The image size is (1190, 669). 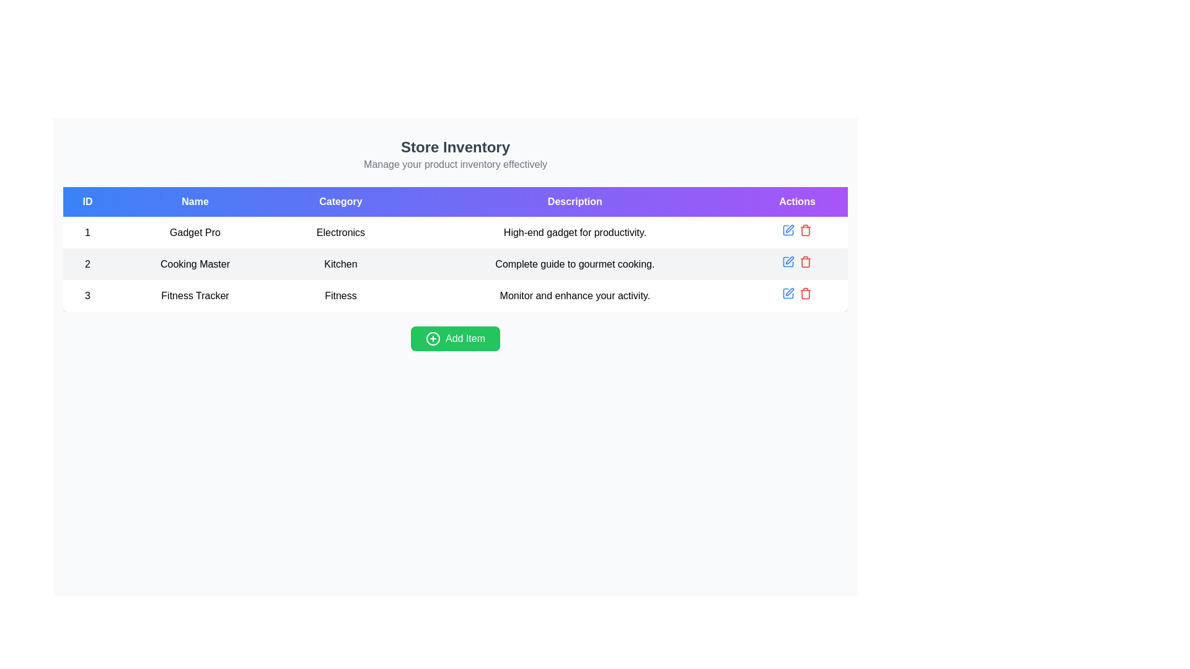 What do you see at coordinates (797, 201) in the screenshot?
I see `the 'Actions' header text, which is the fifth header in a horizontal row, positioned to the far right, above the action icons in the main interface` at bounding box center [797, 201].